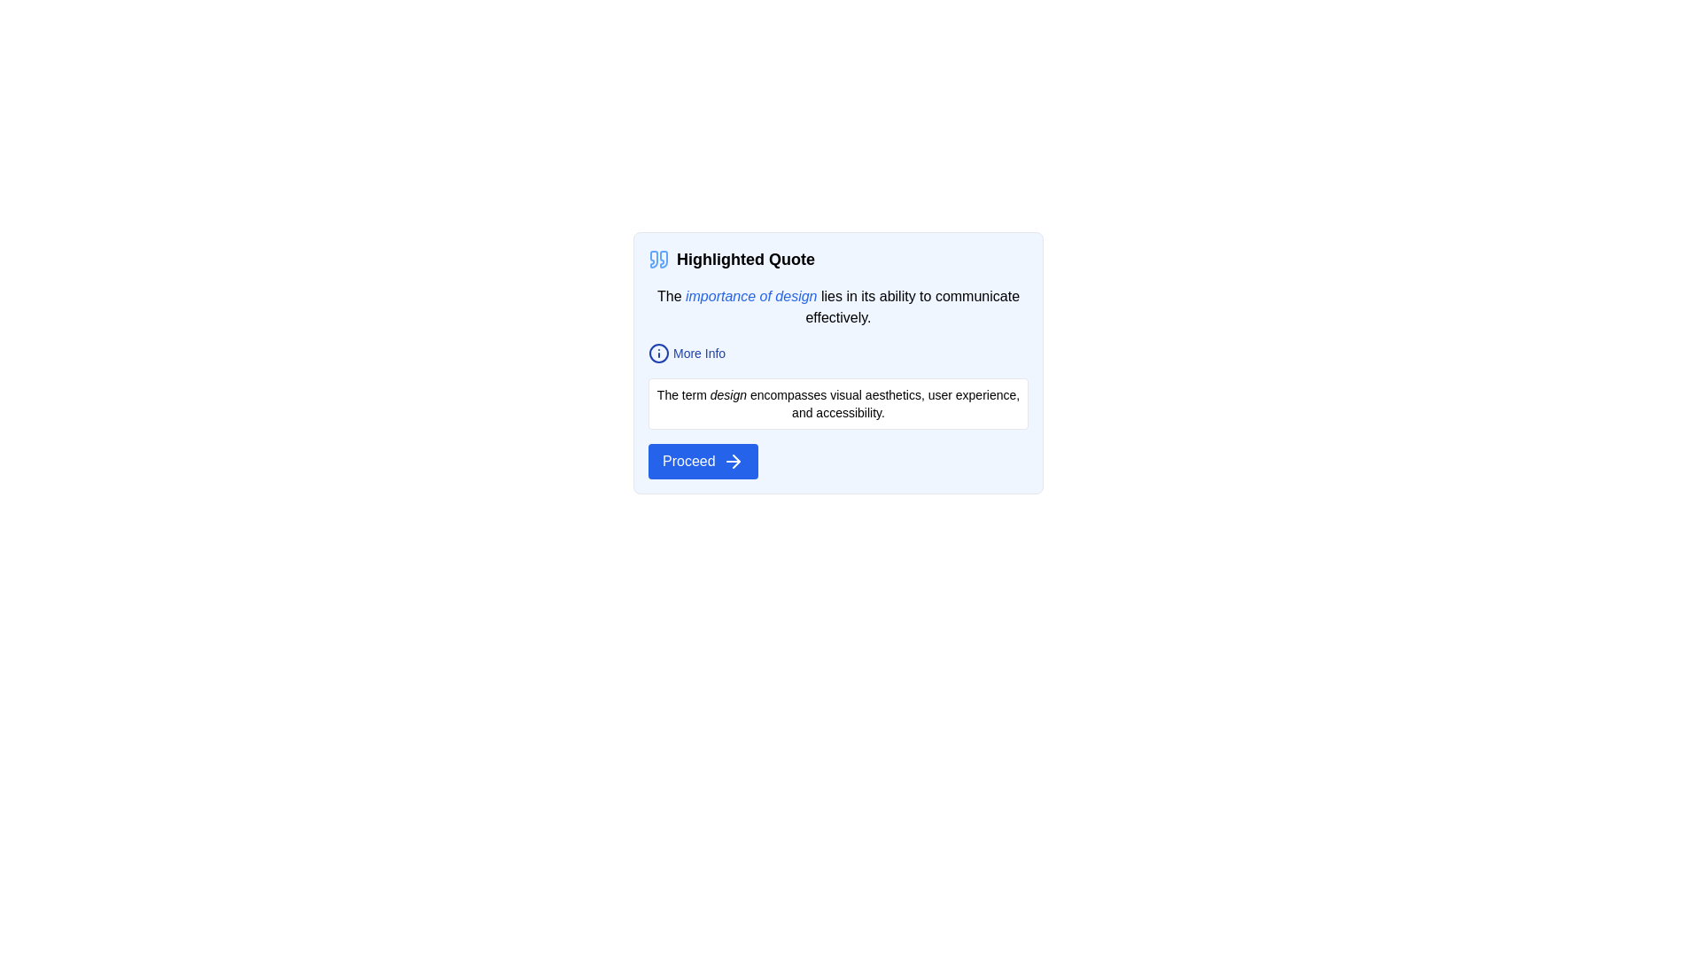 Image resolution: width=1701 pixels, height=957 pixels. What do you see at coordinates (658, 260) in the screenshot?
I see `the blue quotation marks icon located to the left of the 'Highlighted Quote' text, which is the first element in its group, enhancing the title visually` at bounding box center [658, 260].